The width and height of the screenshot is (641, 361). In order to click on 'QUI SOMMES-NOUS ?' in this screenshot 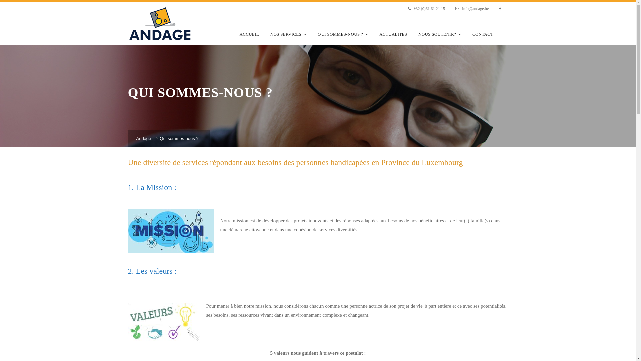, I will do `click(343, 34)`.